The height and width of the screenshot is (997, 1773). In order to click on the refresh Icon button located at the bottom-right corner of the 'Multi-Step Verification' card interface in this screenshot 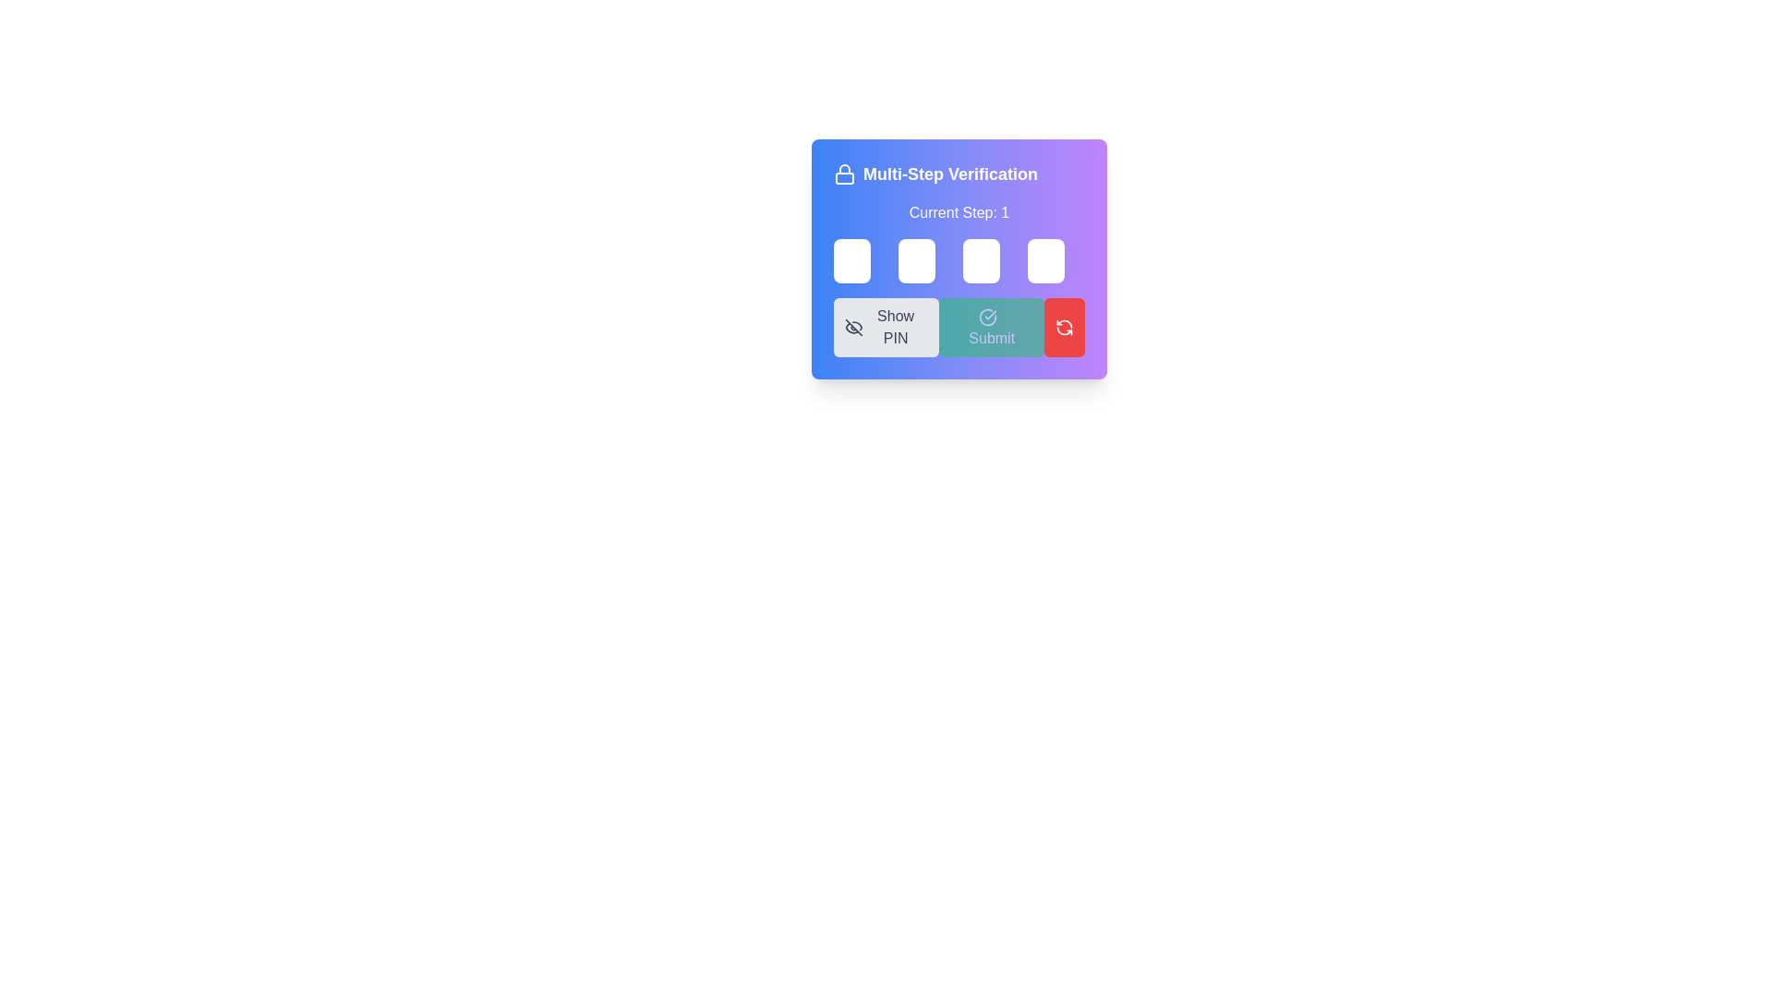, I will do `click(1064, 326)`.